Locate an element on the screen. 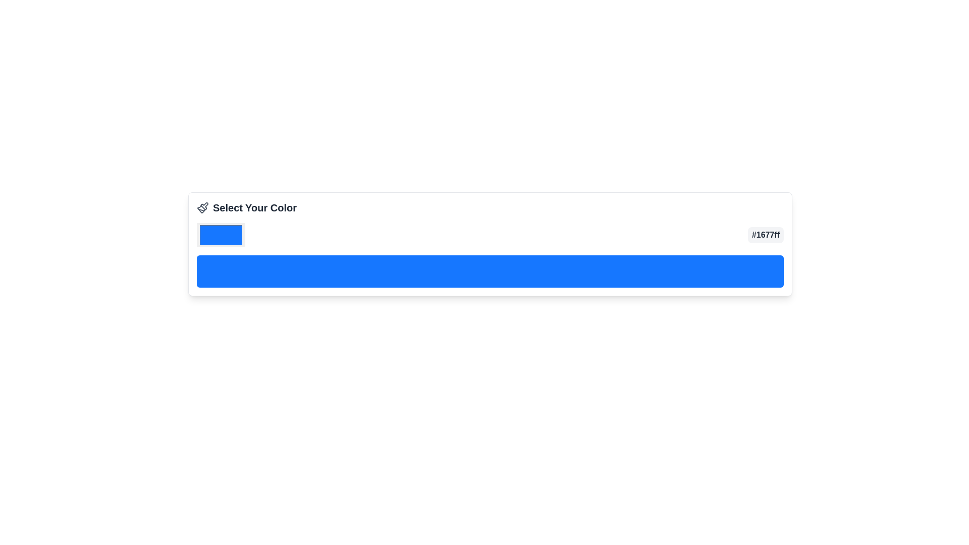  the rectangular blue color picker component located within the 'Select Your Color' panel is located at coordinates (220, 235).